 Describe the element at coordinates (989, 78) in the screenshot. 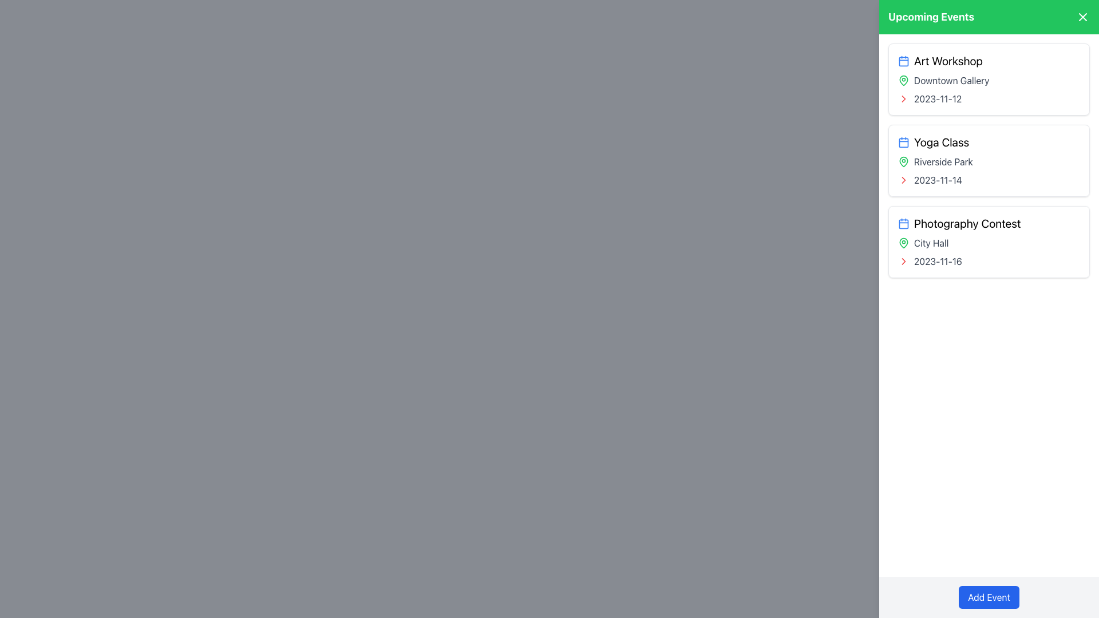

I see `the first card item in the 'Upcoming Events' section` at that location.